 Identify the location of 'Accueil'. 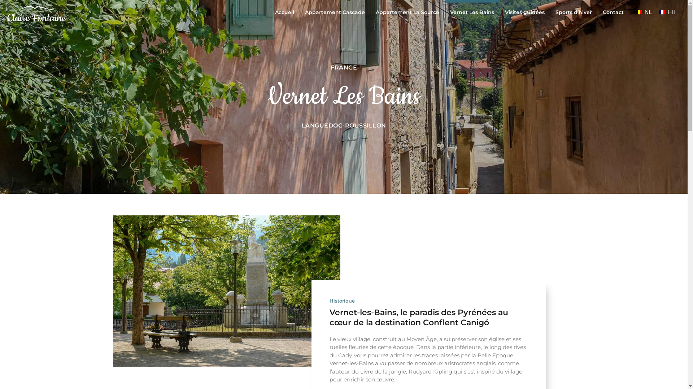
(284, 12).